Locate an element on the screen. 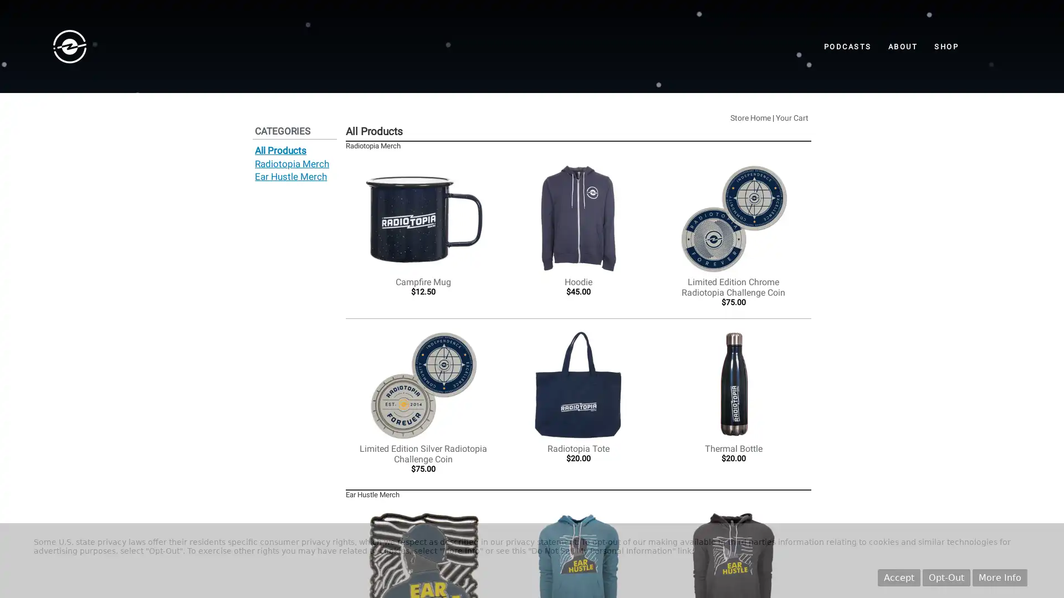  Opt-Out is located at coordinates (946, 577).